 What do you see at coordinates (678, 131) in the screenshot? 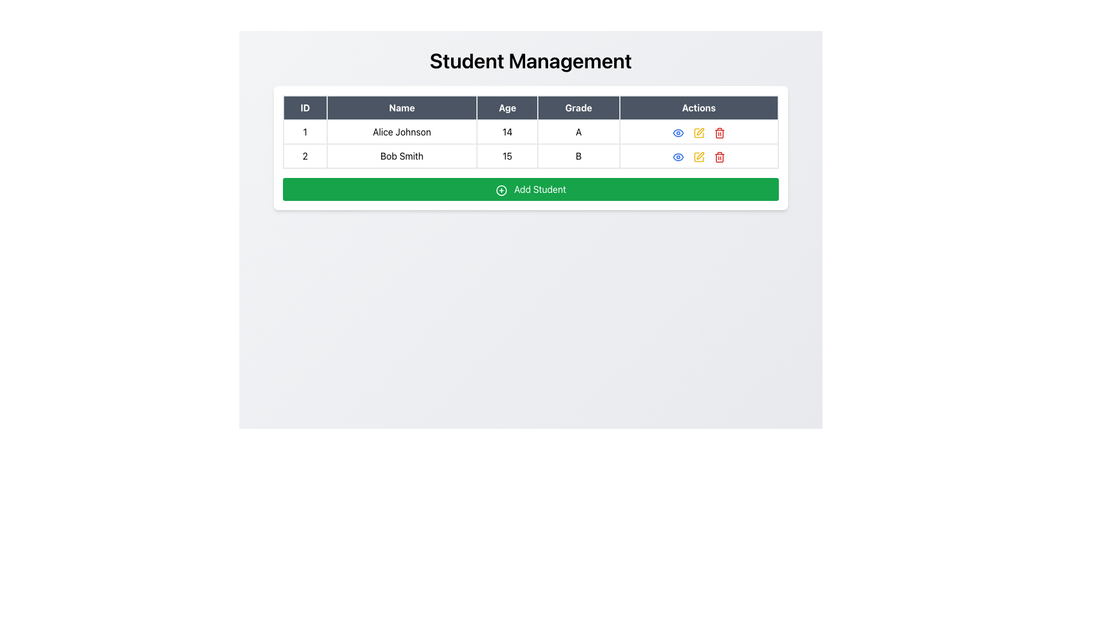
I see `the blue eye-shaped icon button in the 'Actions' column of the first row in the student data table` at bounding box center [678, 131].